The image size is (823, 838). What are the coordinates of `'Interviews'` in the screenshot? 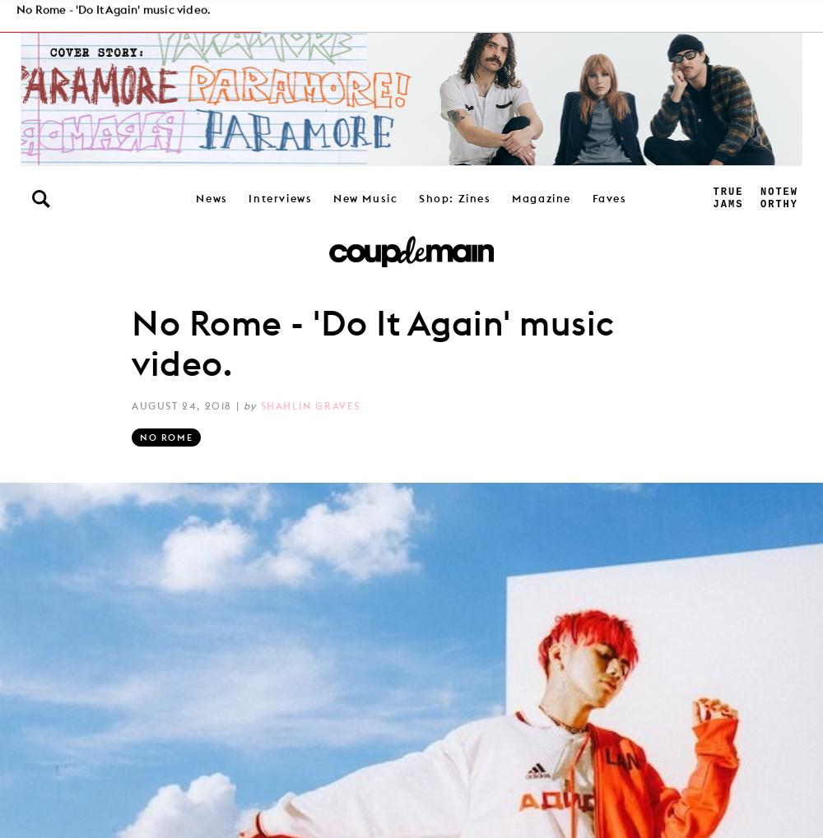 It's located at (279, 197).